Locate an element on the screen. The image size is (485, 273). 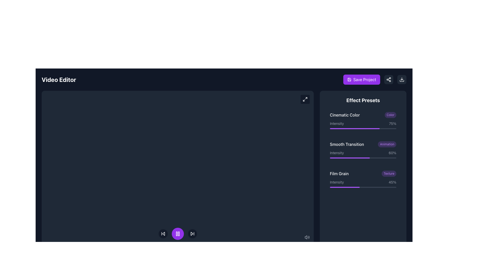
information displayed on the 'Smooth Transition' preset label located in the 'Effect Presets' section, which is the second item in the list is located at coordinates (363, 144).